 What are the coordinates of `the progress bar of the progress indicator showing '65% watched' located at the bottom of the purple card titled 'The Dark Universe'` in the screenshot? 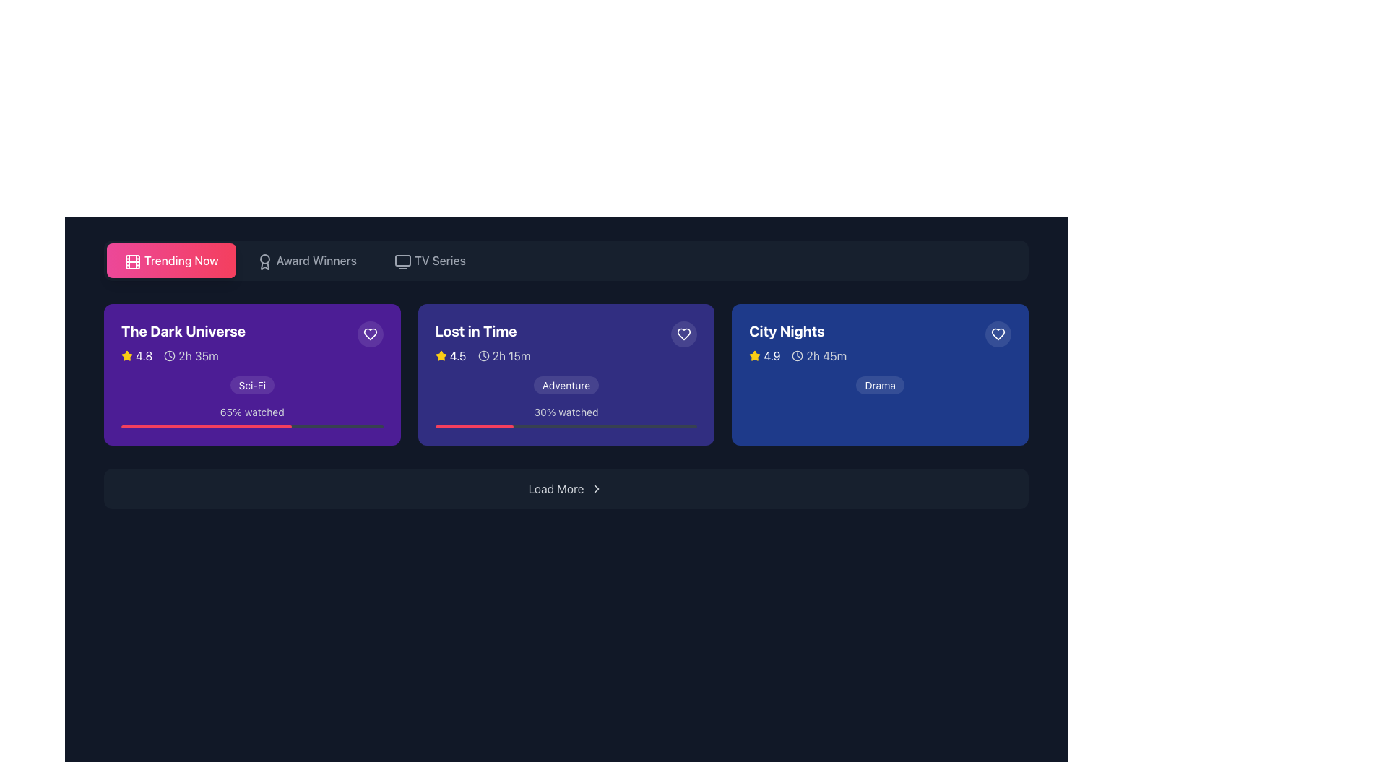 It's located at (252, 417).